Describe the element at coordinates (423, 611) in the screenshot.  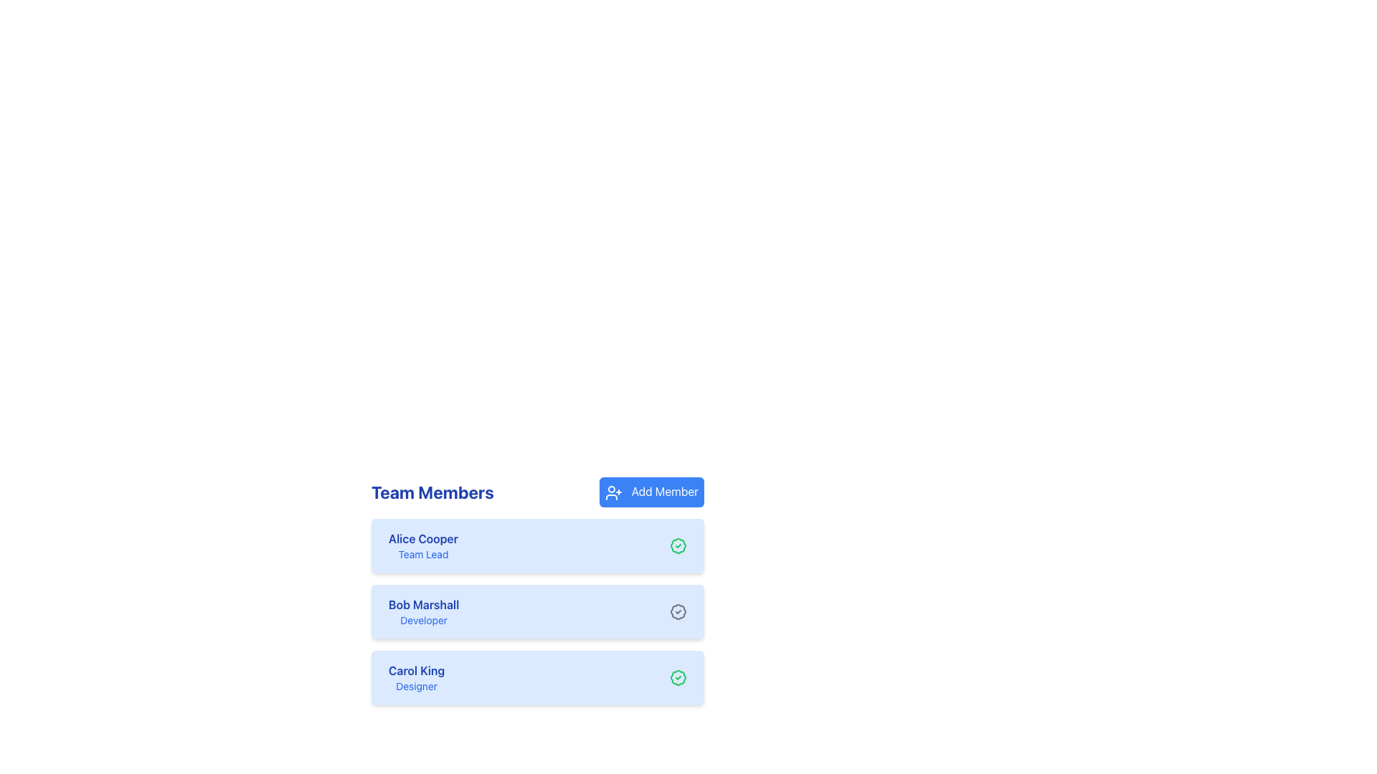
I see `the text label displaying 'Bob Marshall' and 'Developer', which is located in the second card under the 'Team Members' heading` at that location.